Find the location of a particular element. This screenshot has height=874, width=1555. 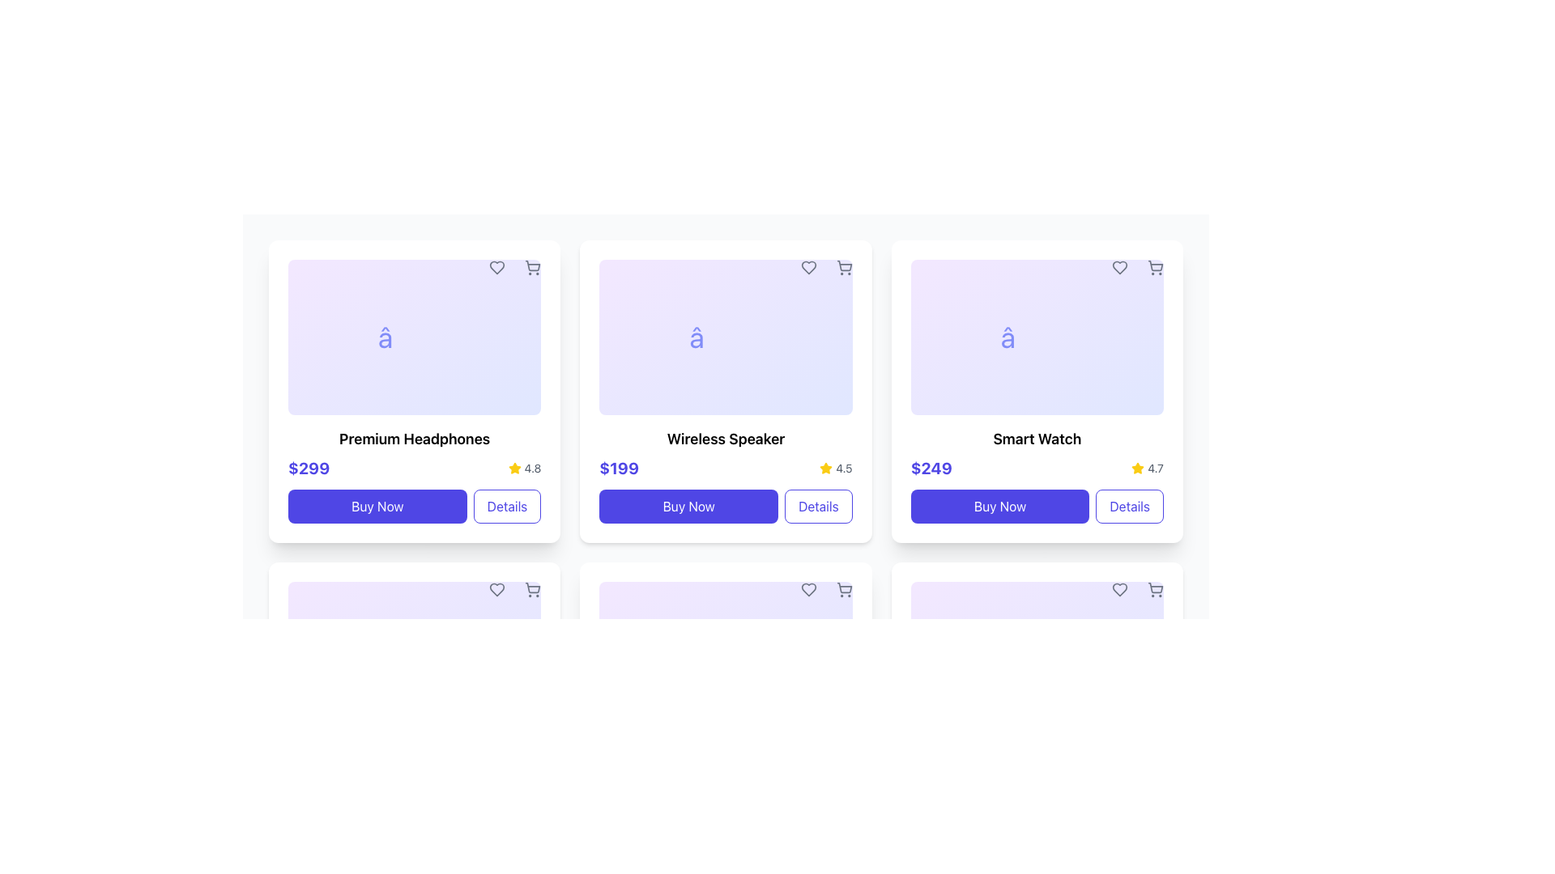

the 'Buy Now' button with a bold indigo background and white text, located in the second product card (Wireless Speaker), to initiate a purchase is located at coordinates (688, 505).